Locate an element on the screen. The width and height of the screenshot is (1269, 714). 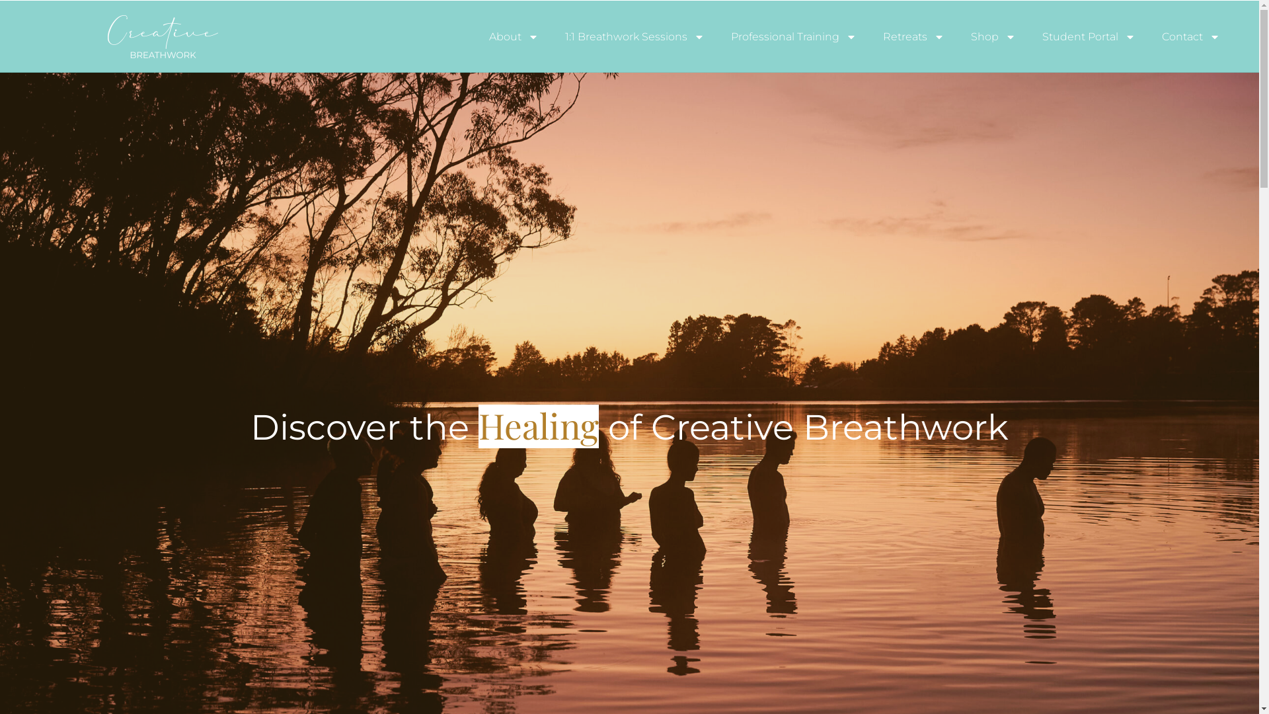
'Retreats' is located at coordinates (913, 35).